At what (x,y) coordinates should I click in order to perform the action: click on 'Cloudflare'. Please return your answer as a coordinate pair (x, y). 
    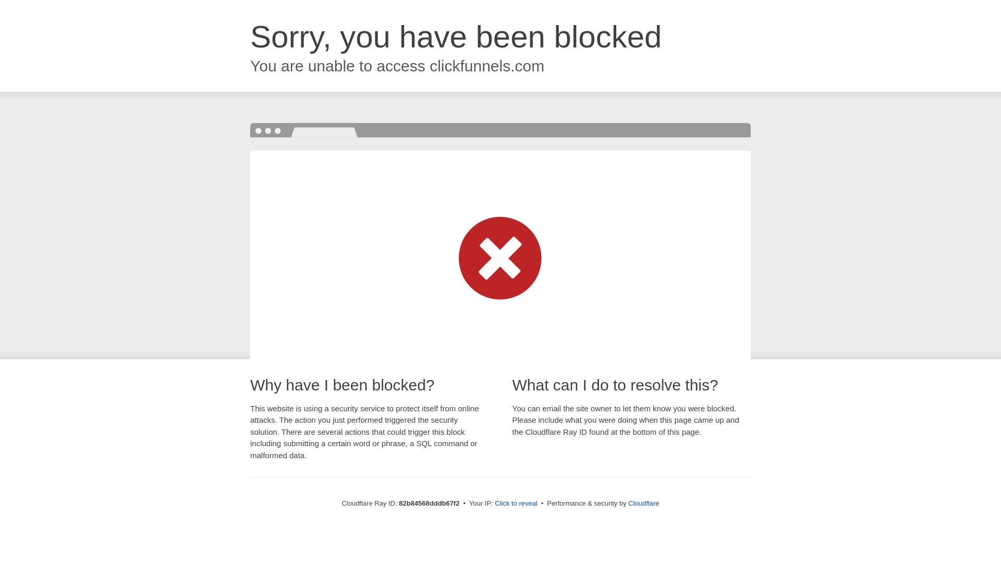
    Looking at the image, I should click on (643, 503).